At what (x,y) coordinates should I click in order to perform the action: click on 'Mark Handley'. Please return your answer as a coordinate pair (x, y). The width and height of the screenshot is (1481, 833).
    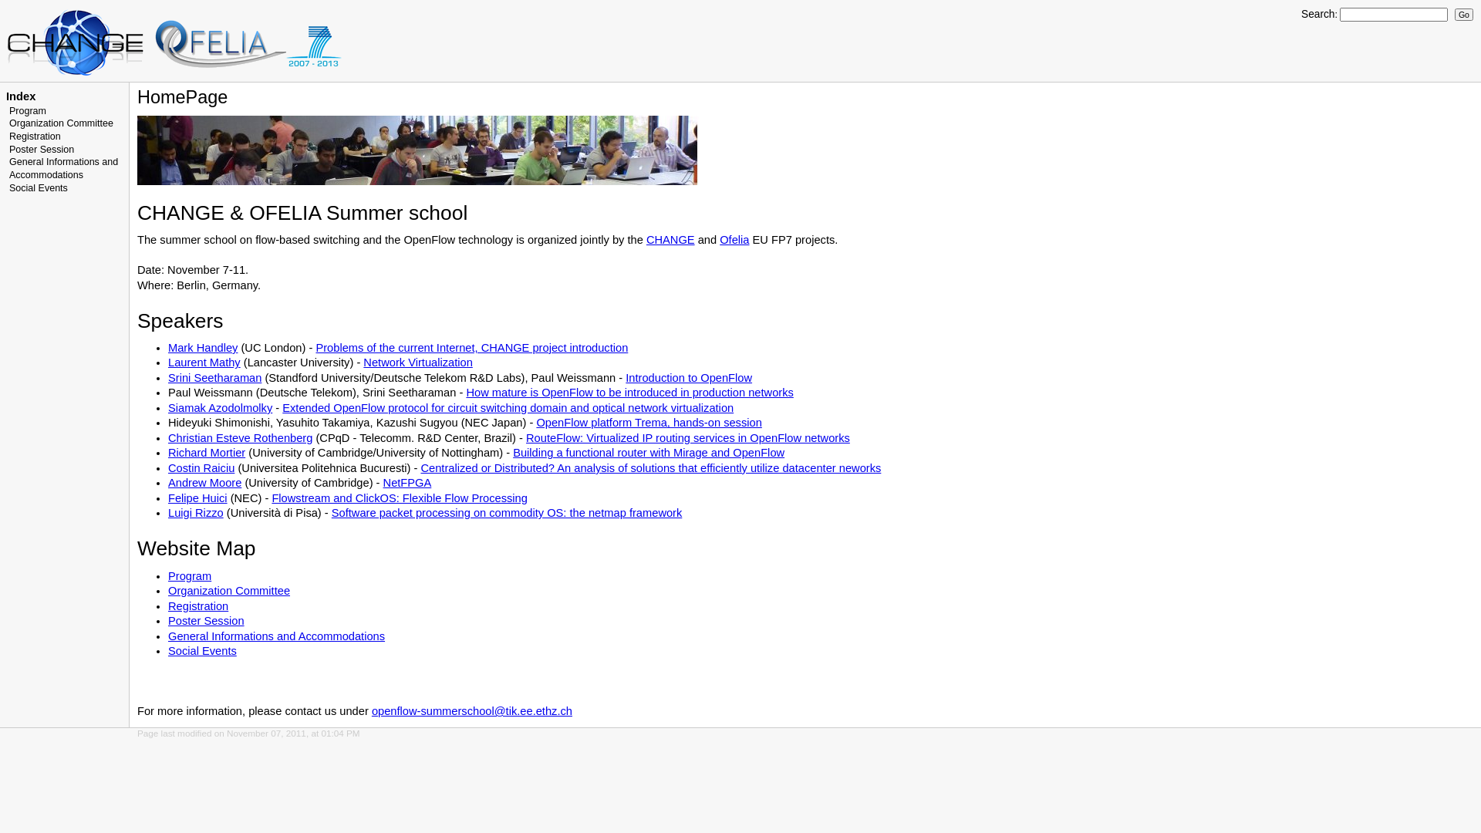
    Looking at the image, I should click on (202, 348).